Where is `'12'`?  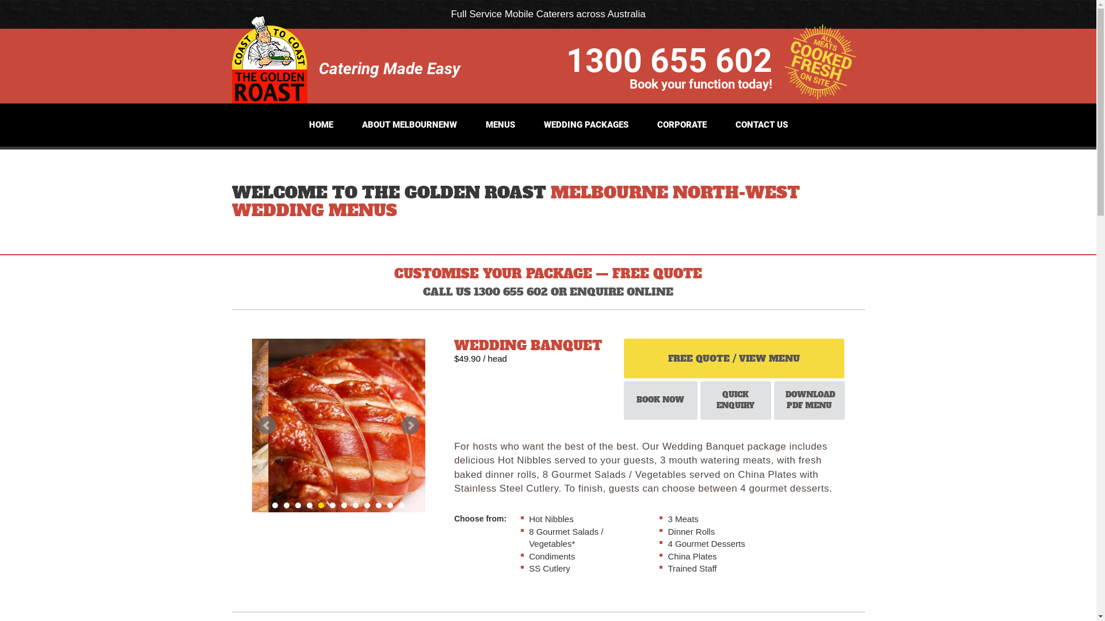
'12' is located at coordinates (398, 505).